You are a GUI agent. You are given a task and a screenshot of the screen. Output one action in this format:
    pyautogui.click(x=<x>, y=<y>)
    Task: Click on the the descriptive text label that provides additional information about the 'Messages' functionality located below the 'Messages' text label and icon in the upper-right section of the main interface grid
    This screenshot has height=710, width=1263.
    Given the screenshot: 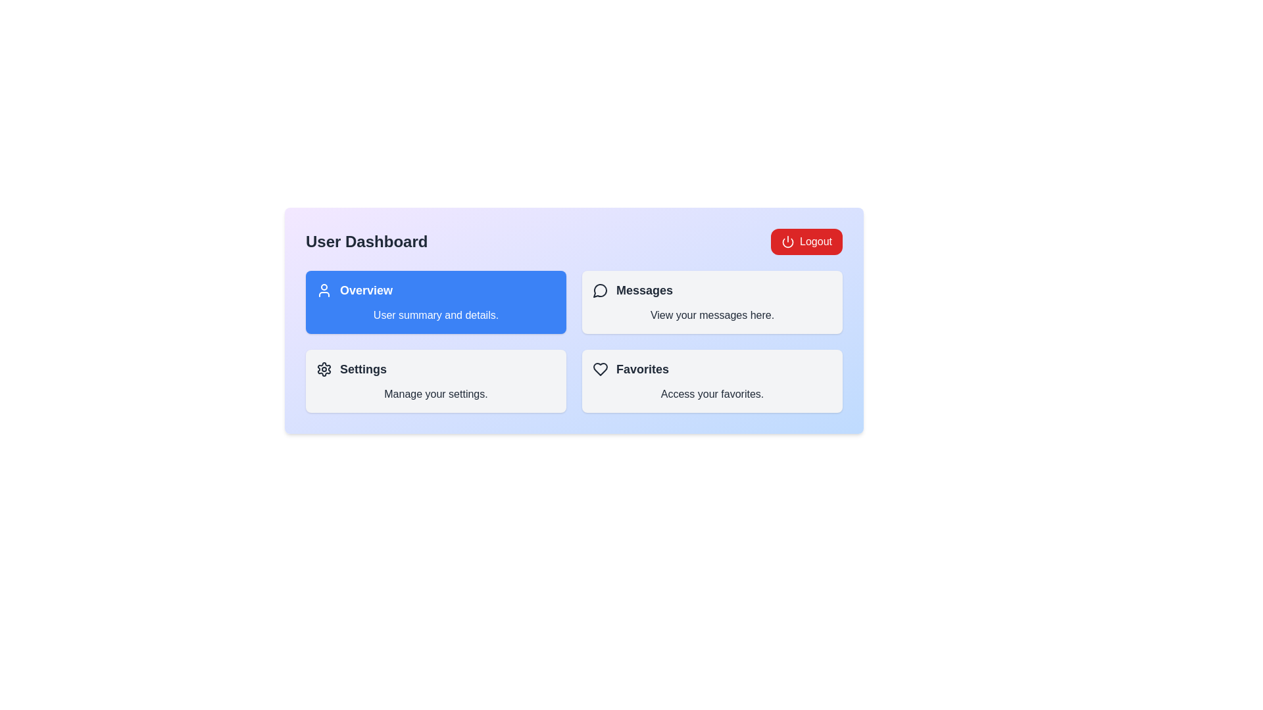 What is the action you would take?
    pyautogui.click(x=712, y=315)
    